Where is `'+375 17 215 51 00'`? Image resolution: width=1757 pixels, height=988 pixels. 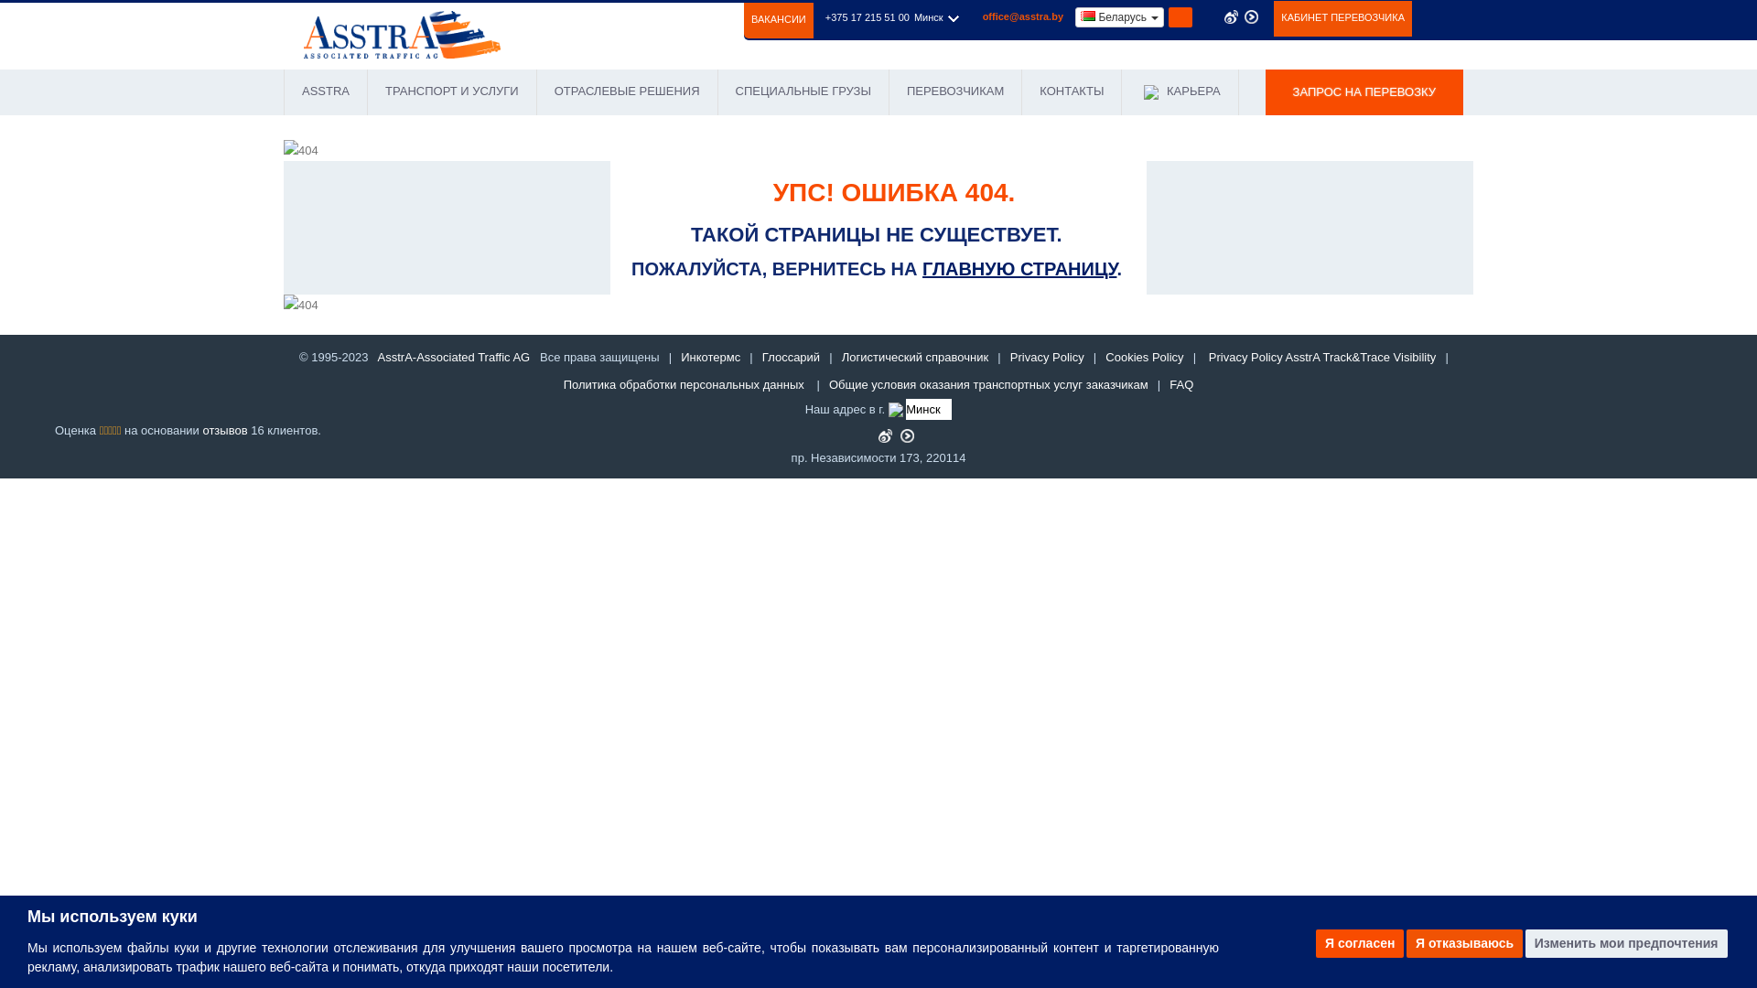
'+375 17 215 51 00' is located at coordinates (867, 17).